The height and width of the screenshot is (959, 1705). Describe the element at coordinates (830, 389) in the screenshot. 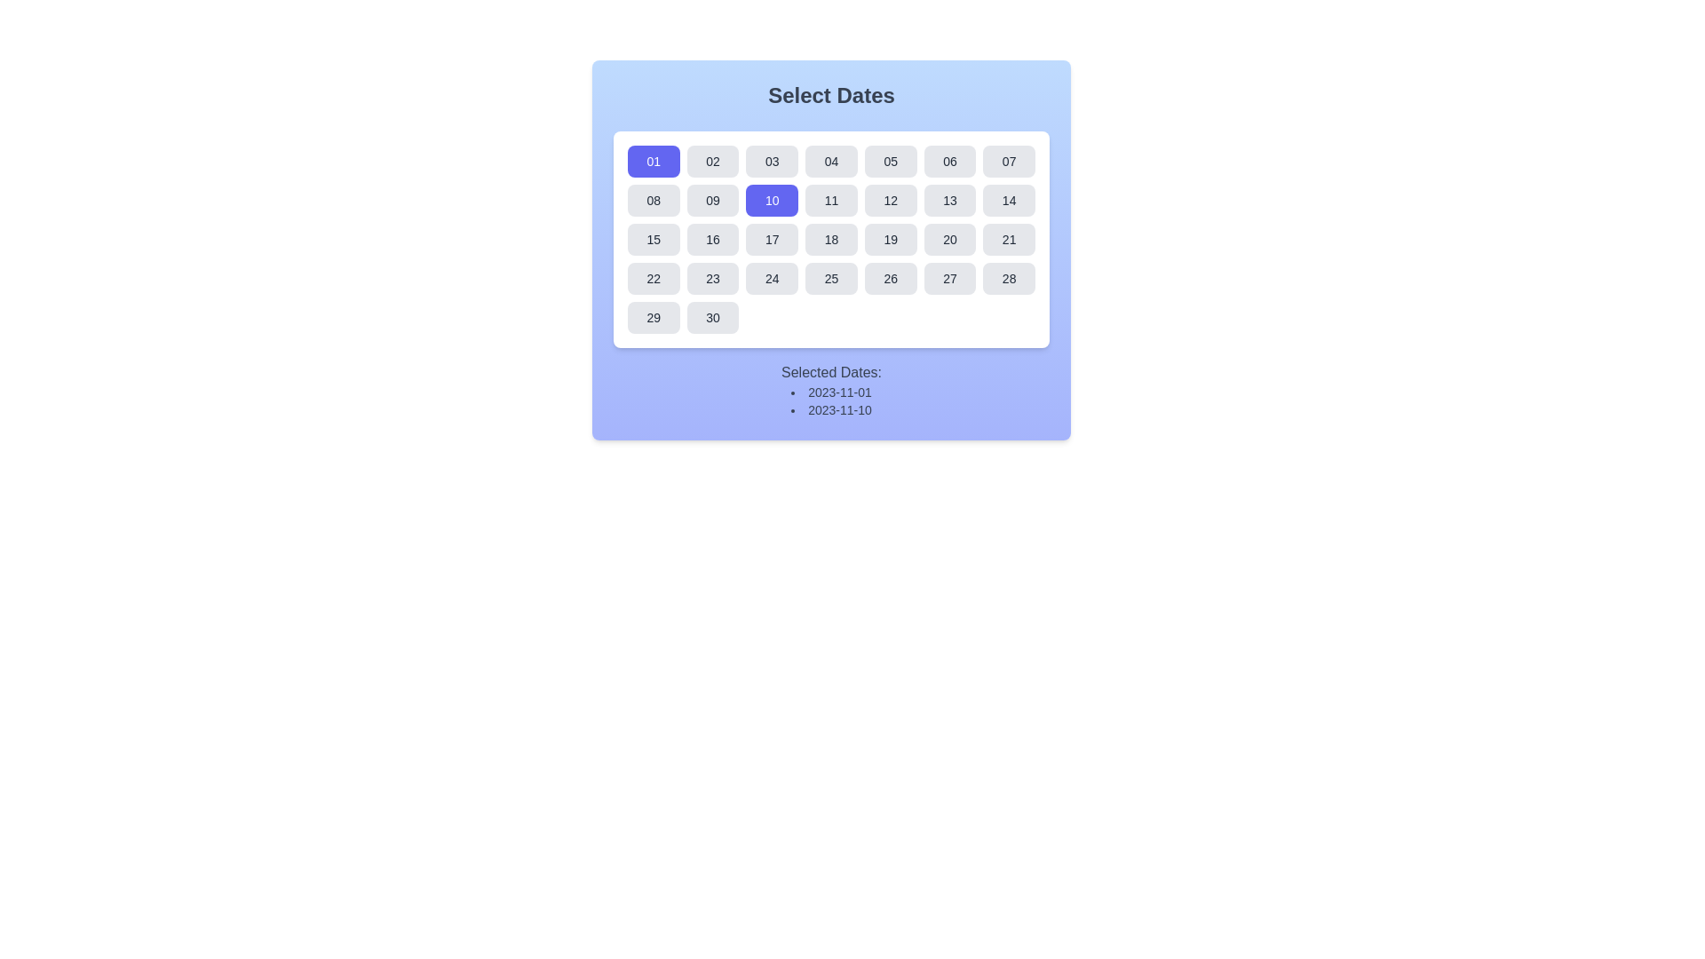

I see `the static text display informing the user about the currently selected dates in the calendar interface, which is located at the bottom of the panel and reads 'Selected Dates: 2023-11-01, 2023-11-10'` at that location.